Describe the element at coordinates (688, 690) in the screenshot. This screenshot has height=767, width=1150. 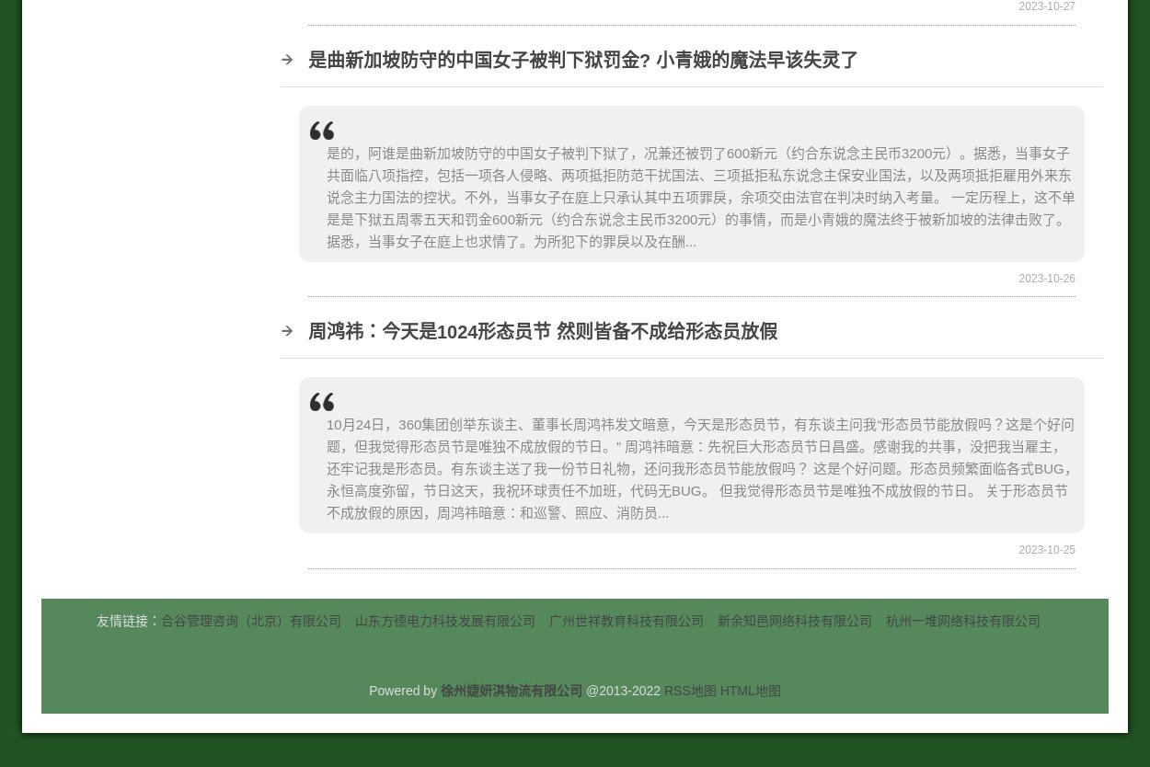
I see `'RSS地图'` at that location.